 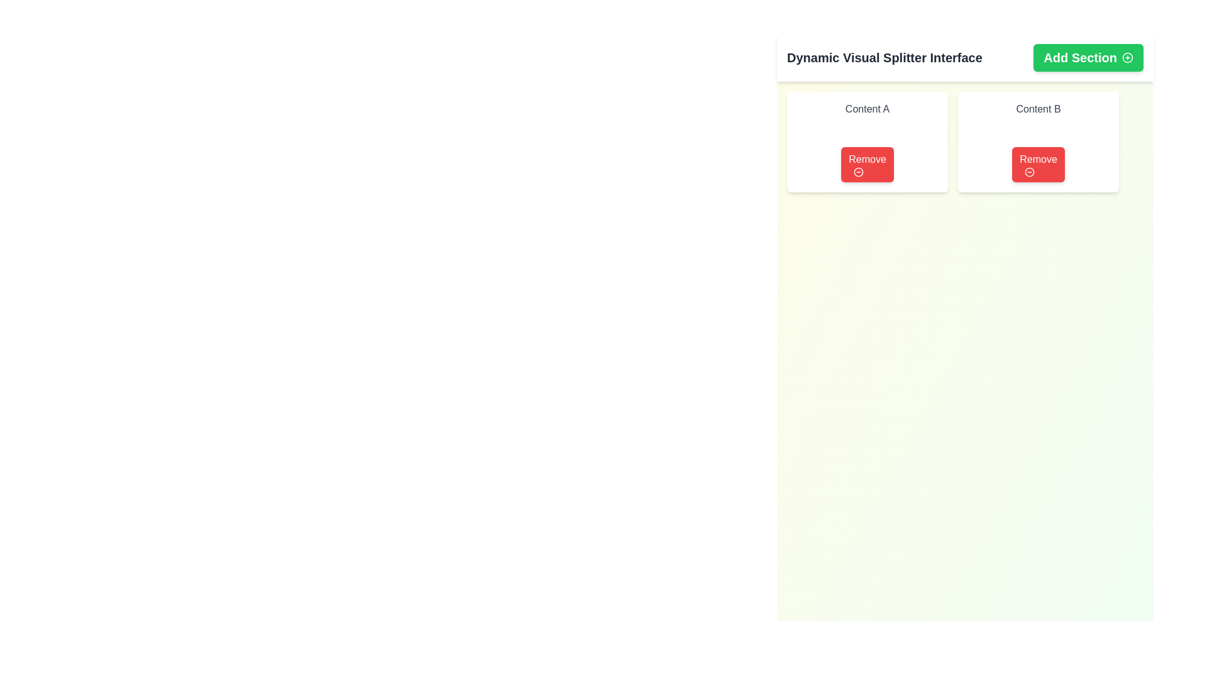 I want to click on the circular graphic within the SVG that represents the Remove button for Content B, located on the right side of the interface, so click(x=858, y=172).